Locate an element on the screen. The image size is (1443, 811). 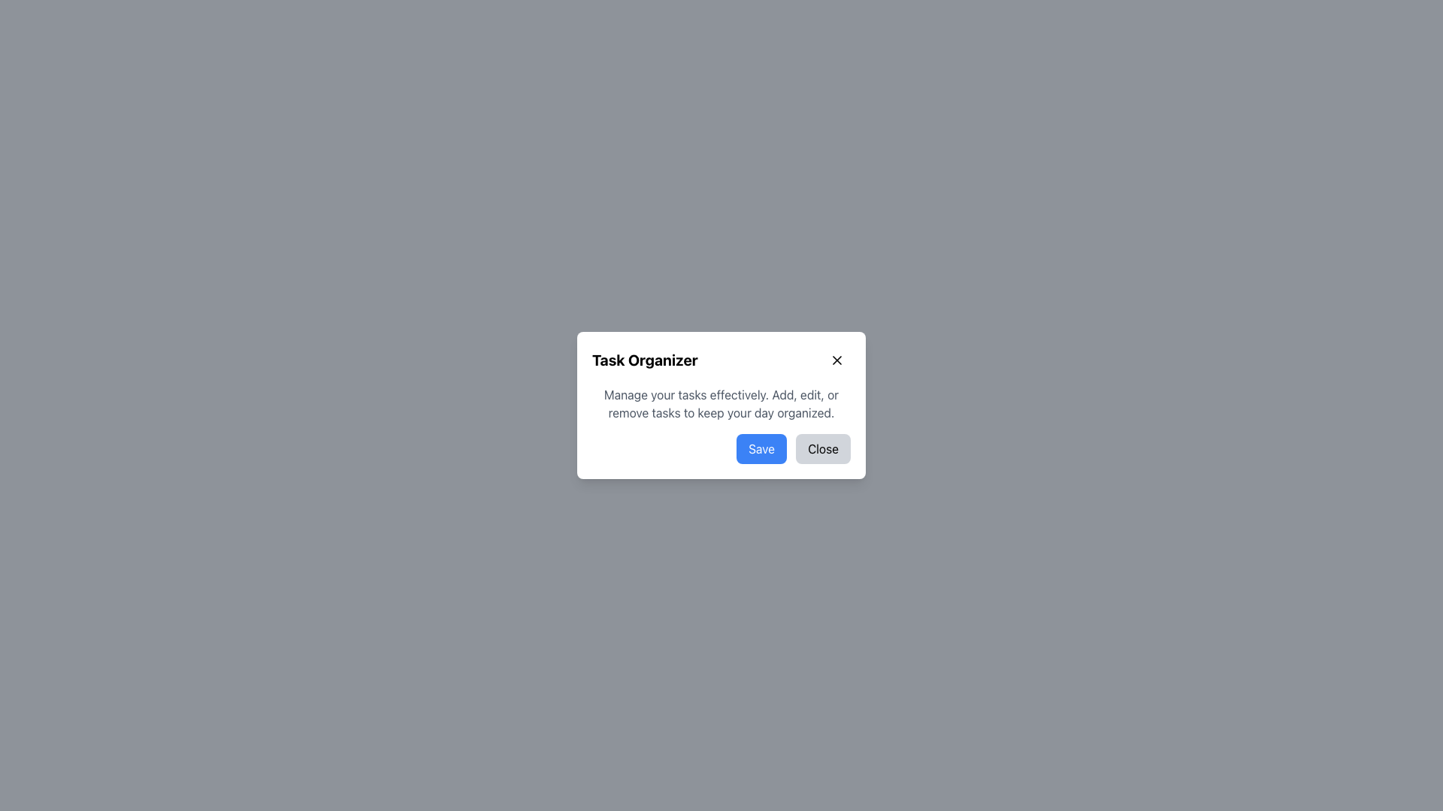
the circular button with a black 'X' icon in the center, located at the far right of the 'Task Organizer' header section is located at coordinates (836, 360).